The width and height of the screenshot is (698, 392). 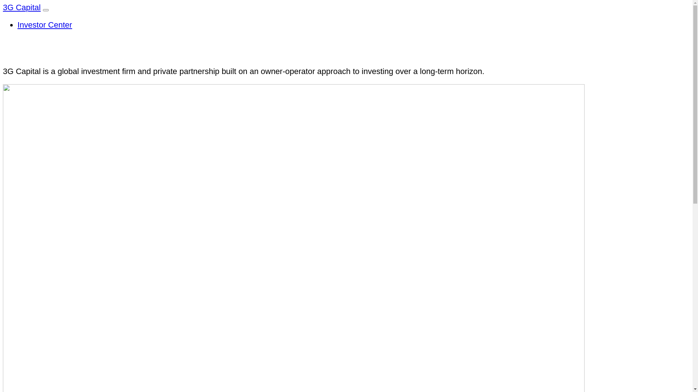 I want to click on 'Investor Center', so click(x=44, y=24).